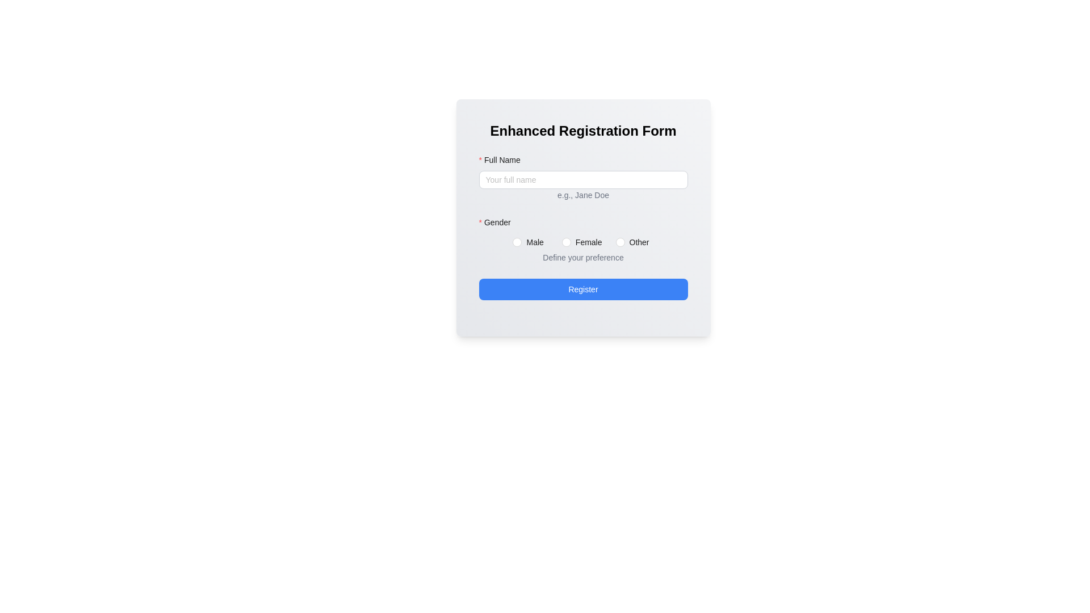 The height and width of the screenshot is (613, 1090). I want to click on the 'Female' radio button or its associated label in the gender selection input of the Enhanced Registration Form, so click(584, 242).